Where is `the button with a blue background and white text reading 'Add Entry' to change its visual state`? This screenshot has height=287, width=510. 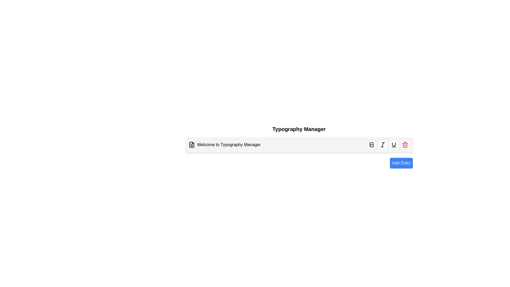
the button with a blue background and white text reading 'Add Entry' to change its visual state is located at coordinates (401, 163).